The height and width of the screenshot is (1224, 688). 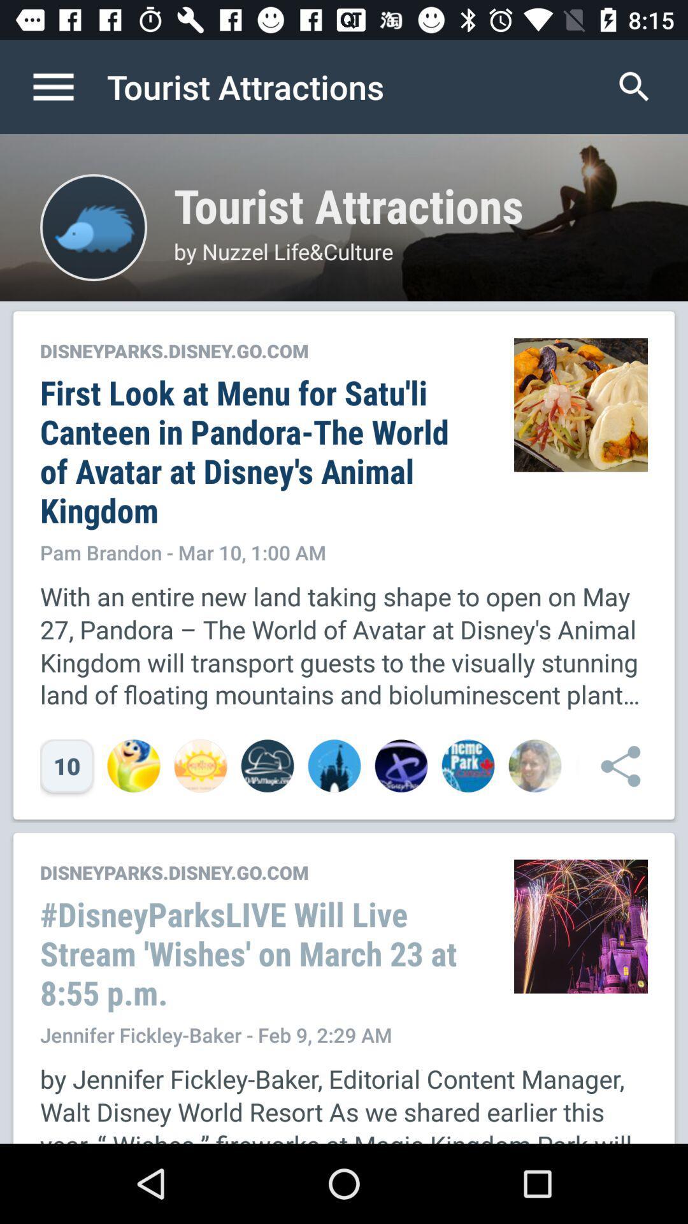 What do you see at coordinates (66, 86) in the screenshot?
I see `show the menu` at bounding box center [66, 86].